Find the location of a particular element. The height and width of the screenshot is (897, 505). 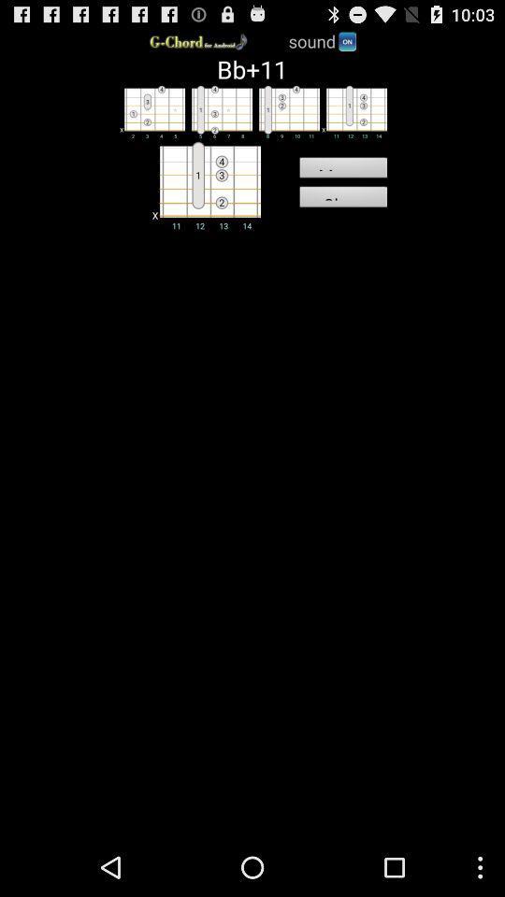

choose the image is located at coordinates (353, 111).